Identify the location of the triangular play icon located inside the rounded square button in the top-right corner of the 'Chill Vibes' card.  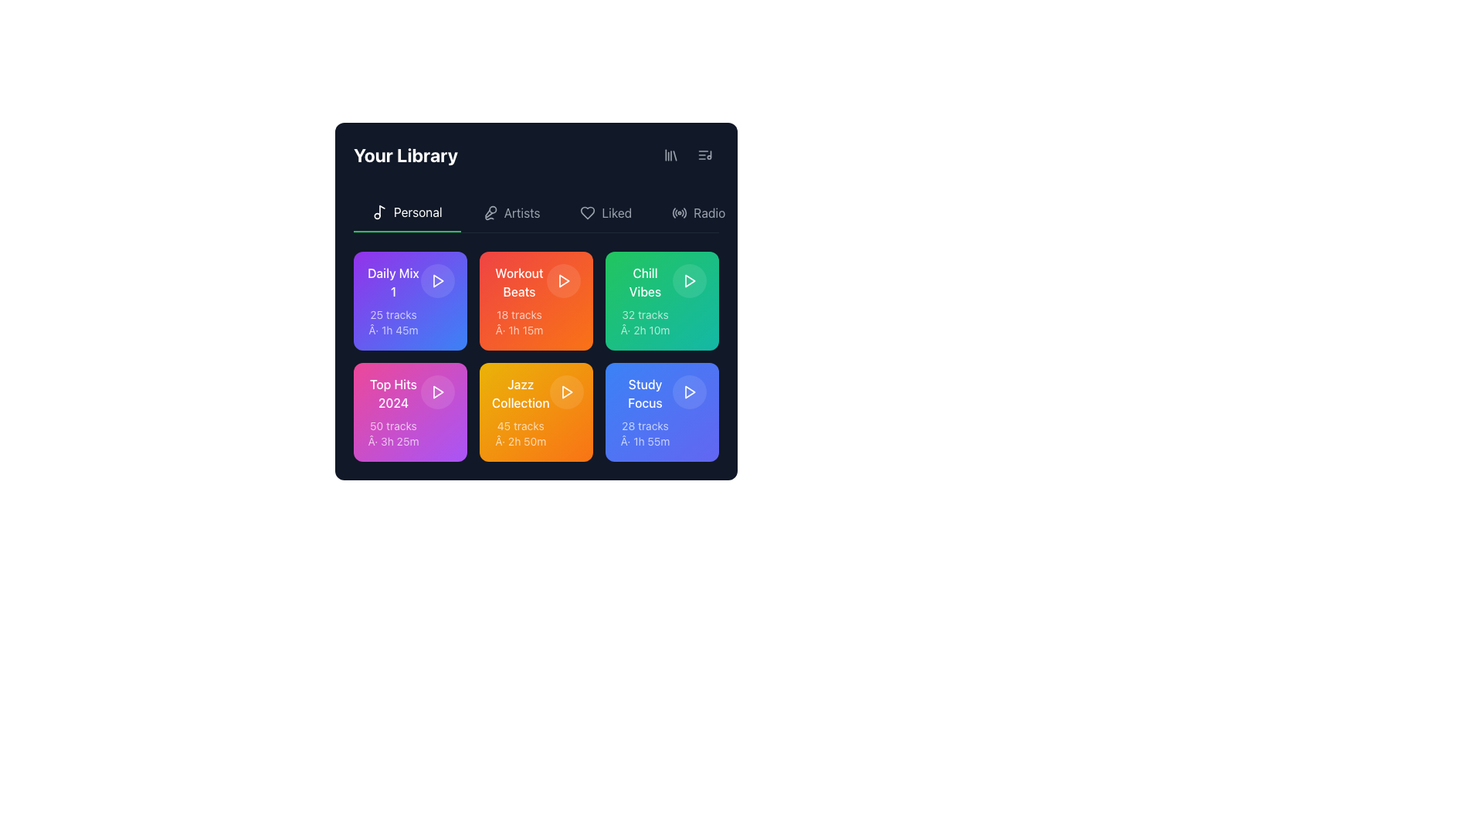
(688, 280).